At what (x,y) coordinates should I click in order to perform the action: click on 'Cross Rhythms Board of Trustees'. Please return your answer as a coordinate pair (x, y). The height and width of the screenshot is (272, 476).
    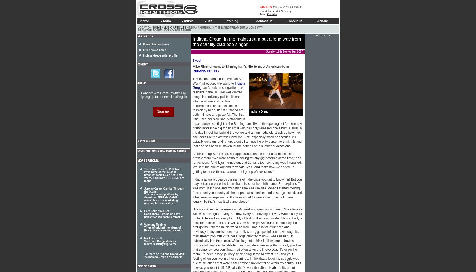
    Looking at the image, I should click on (310, 38).